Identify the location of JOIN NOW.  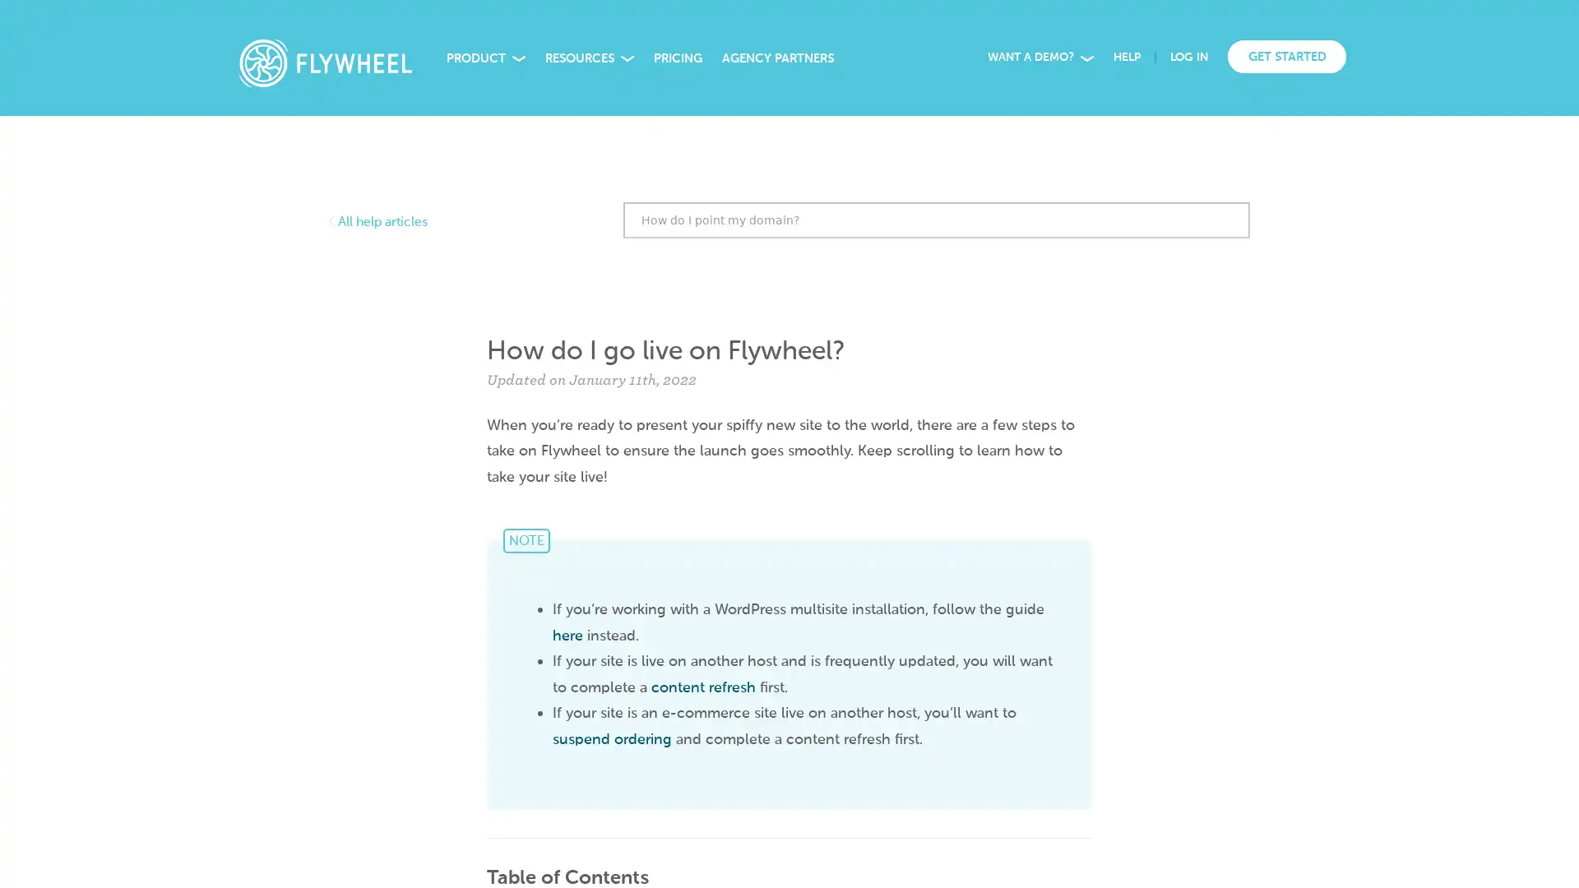
(1107, 31).